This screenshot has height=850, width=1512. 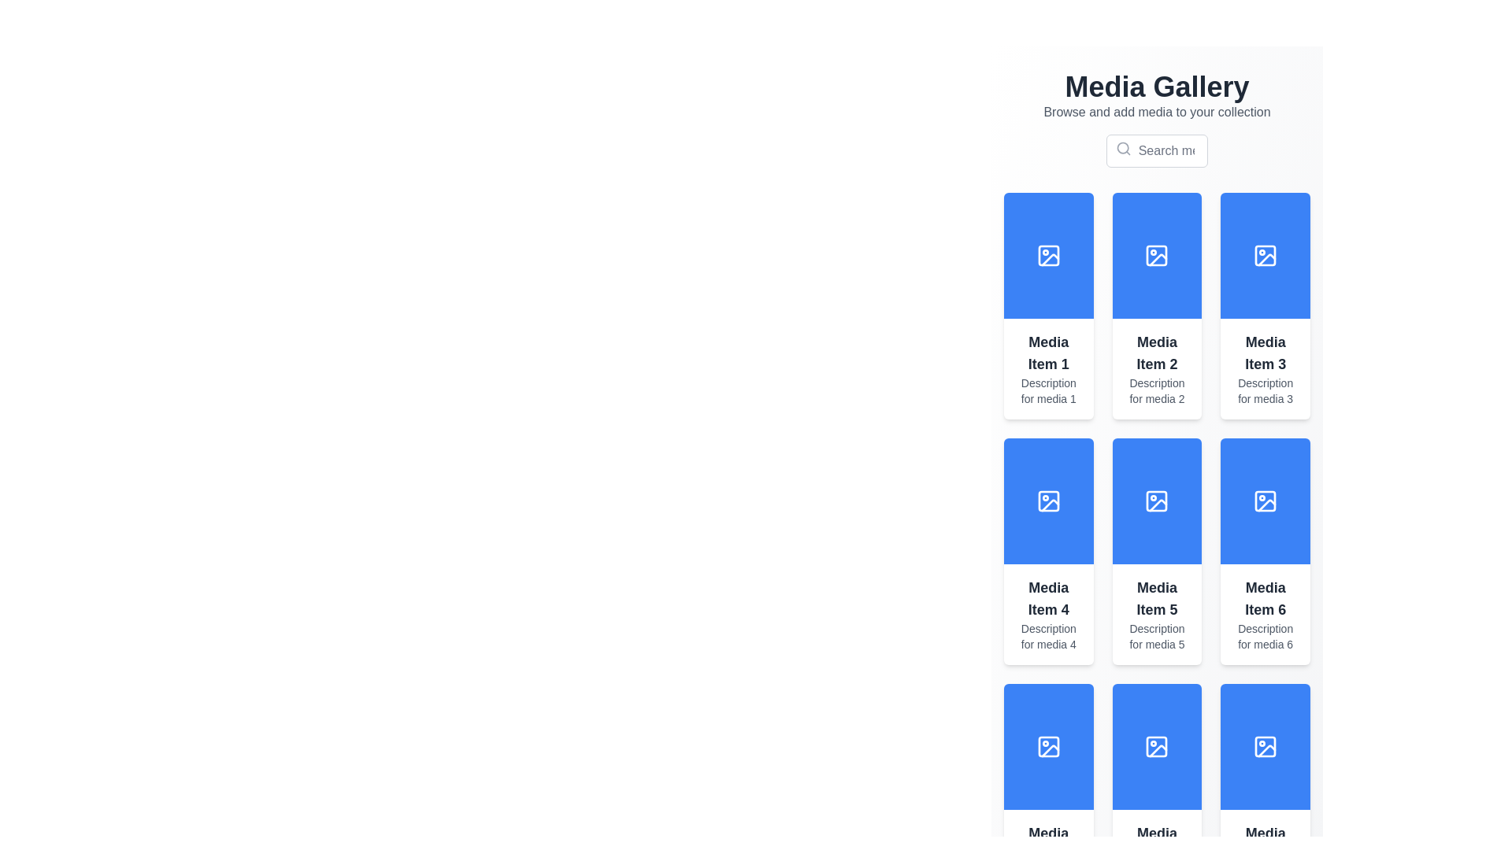 I want to click on the SVG graphical element that serves as a graphical component of the icon within 'Media Item 4', located in the first column of the second row in the grid layout, so click(x=1048, y=501).